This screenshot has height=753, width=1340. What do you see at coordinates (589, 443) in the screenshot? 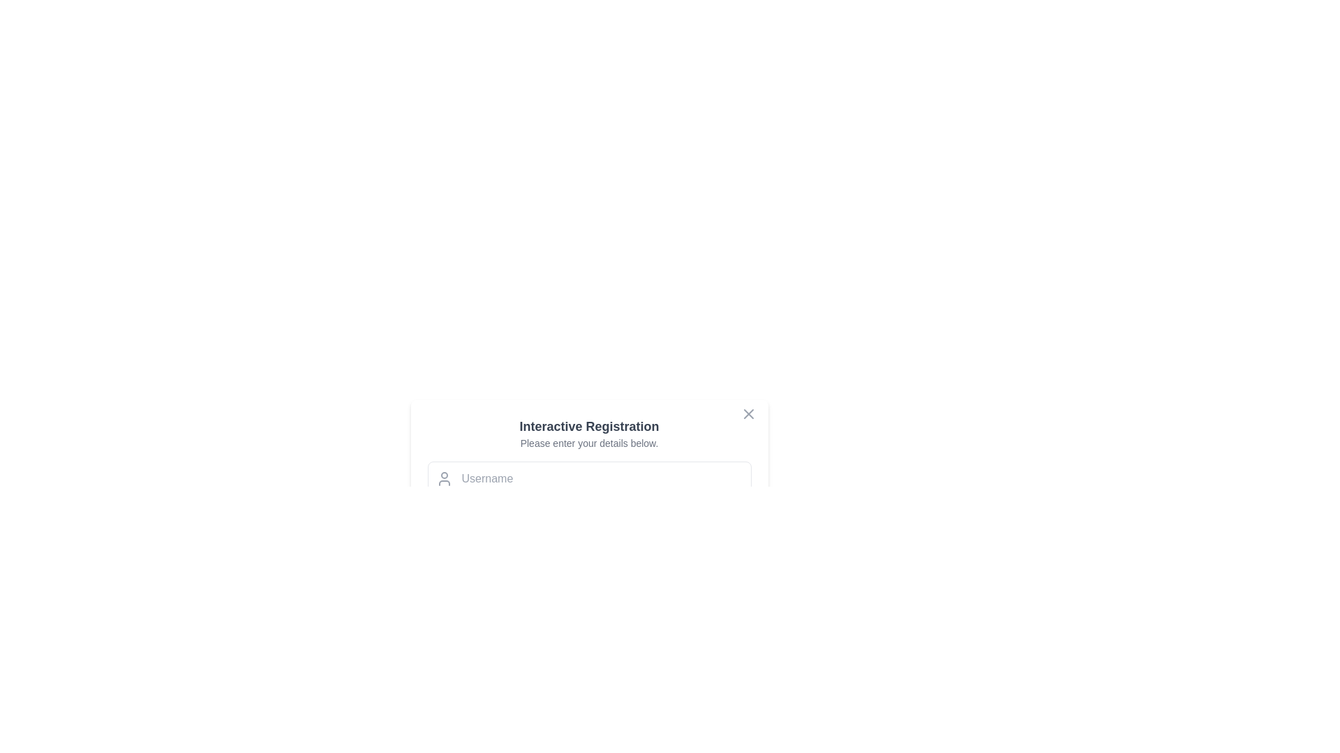
I see `the static text label providing instructions below the 'Interactive Registration' heading in the centered popup dialog` at bounding box center [589, 443].